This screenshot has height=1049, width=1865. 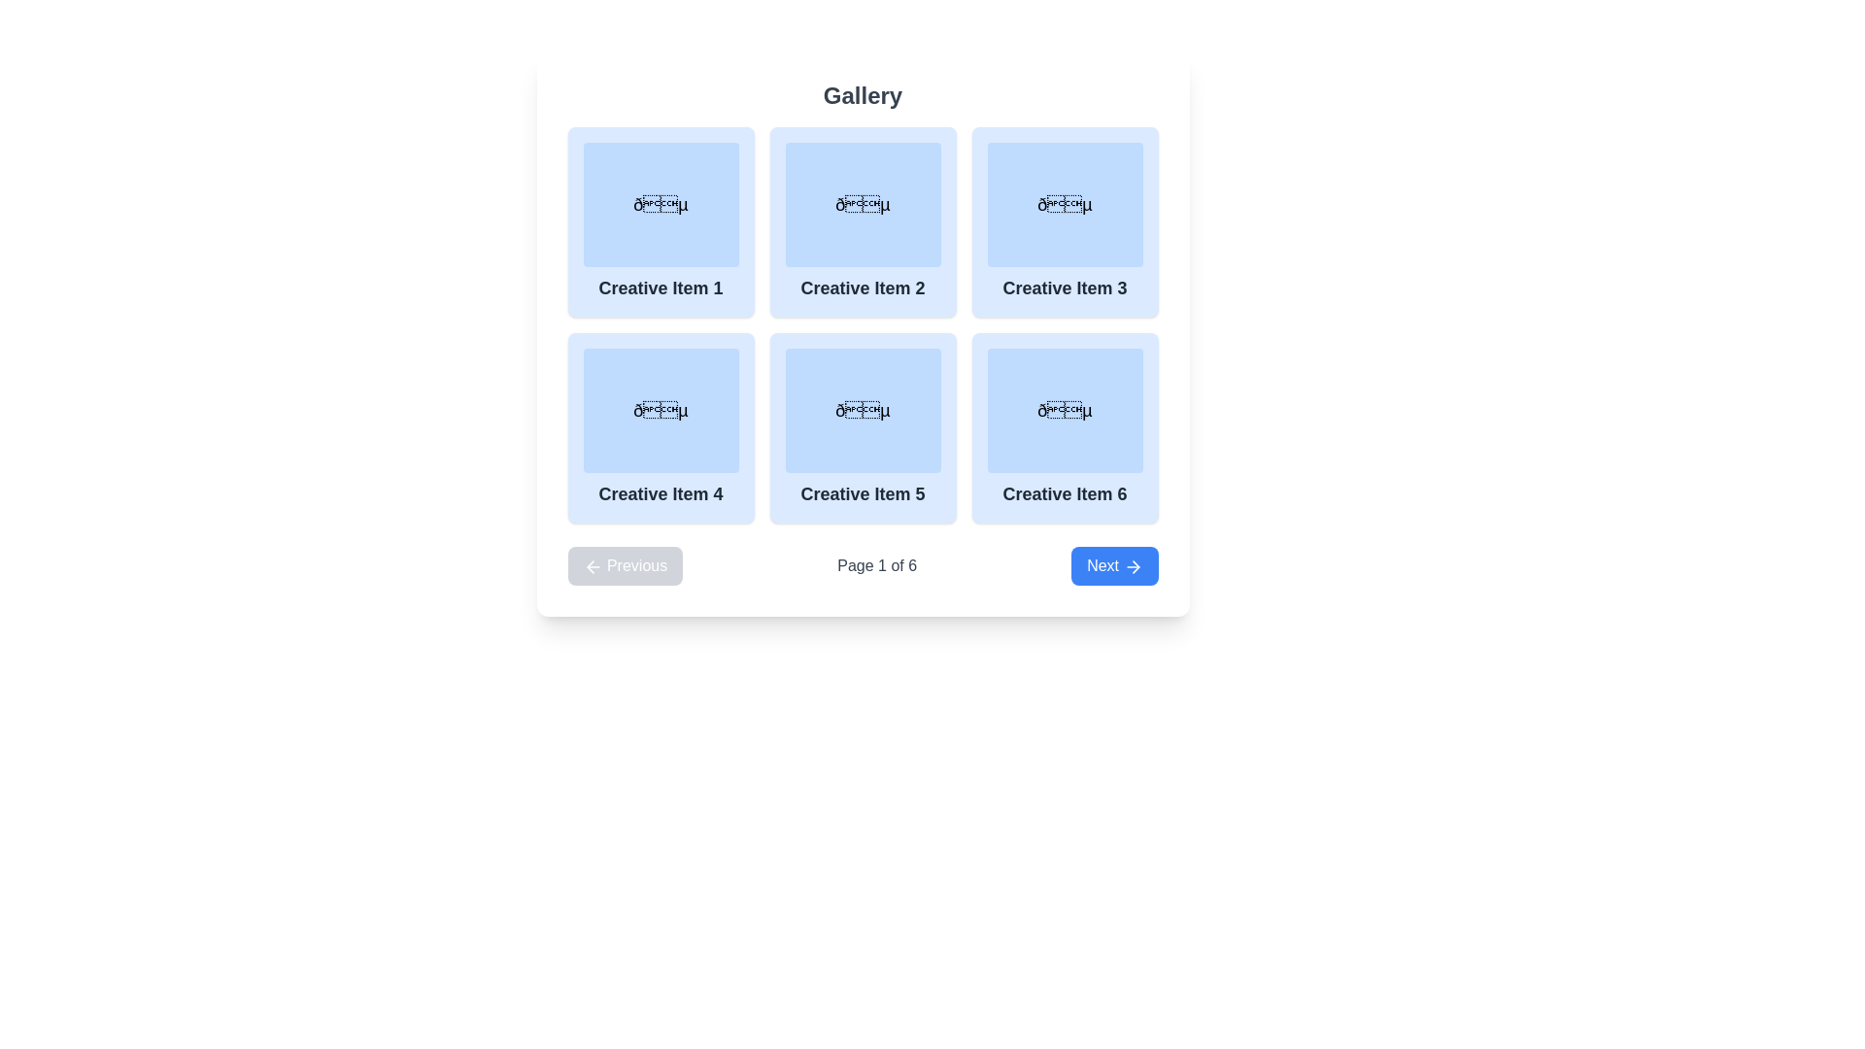 I want to click on the descriptive text label located at the bottom of the third card in the first row of a 2x3 grid layout, so click(x=1064, y=288).